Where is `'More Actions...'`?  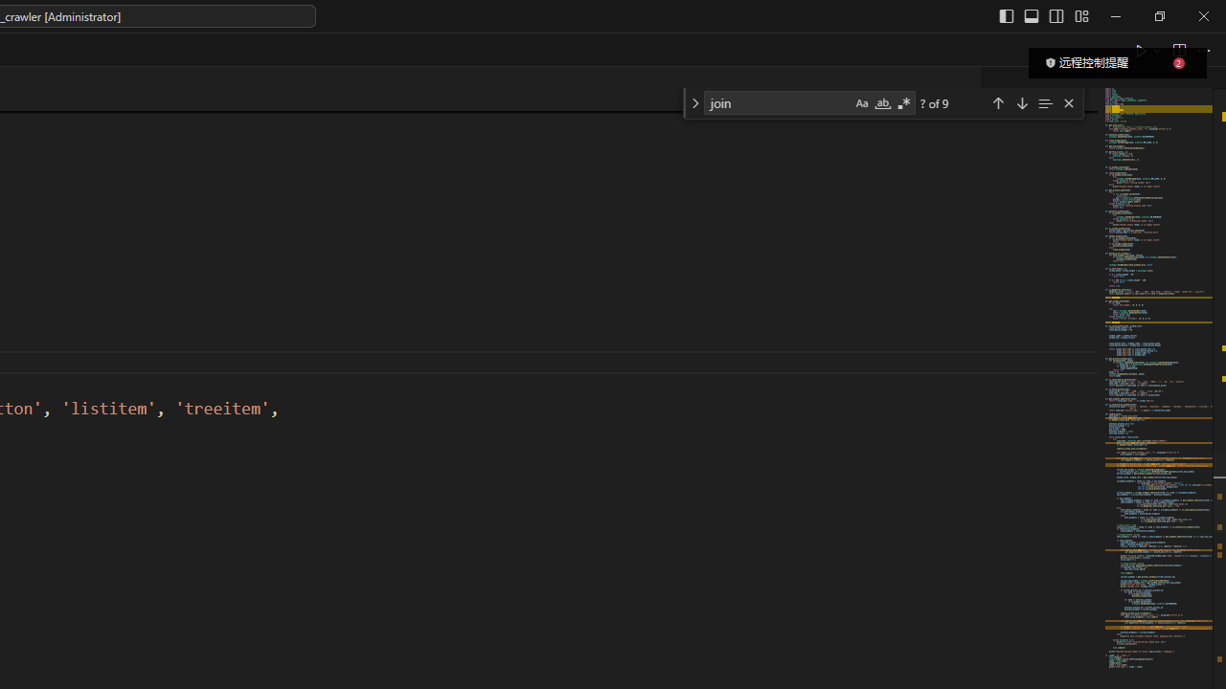
'More Actions...' is located at coordinates (1202, 49).